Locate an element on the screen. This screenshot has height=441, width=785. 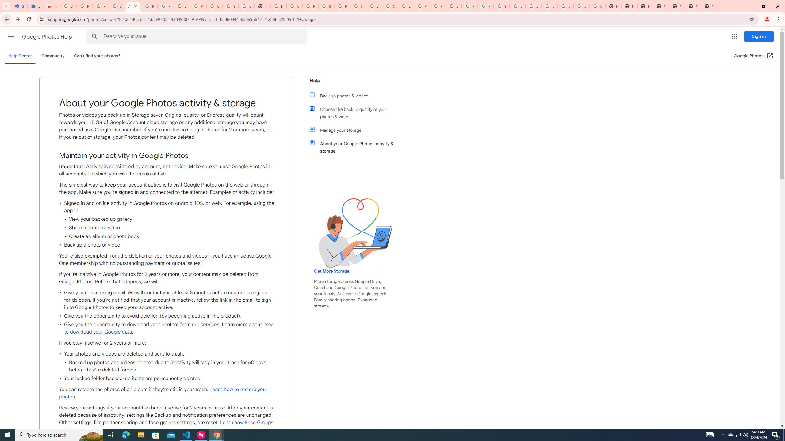
'Learn how to restore your photos' is located at coordinates (163, 393).